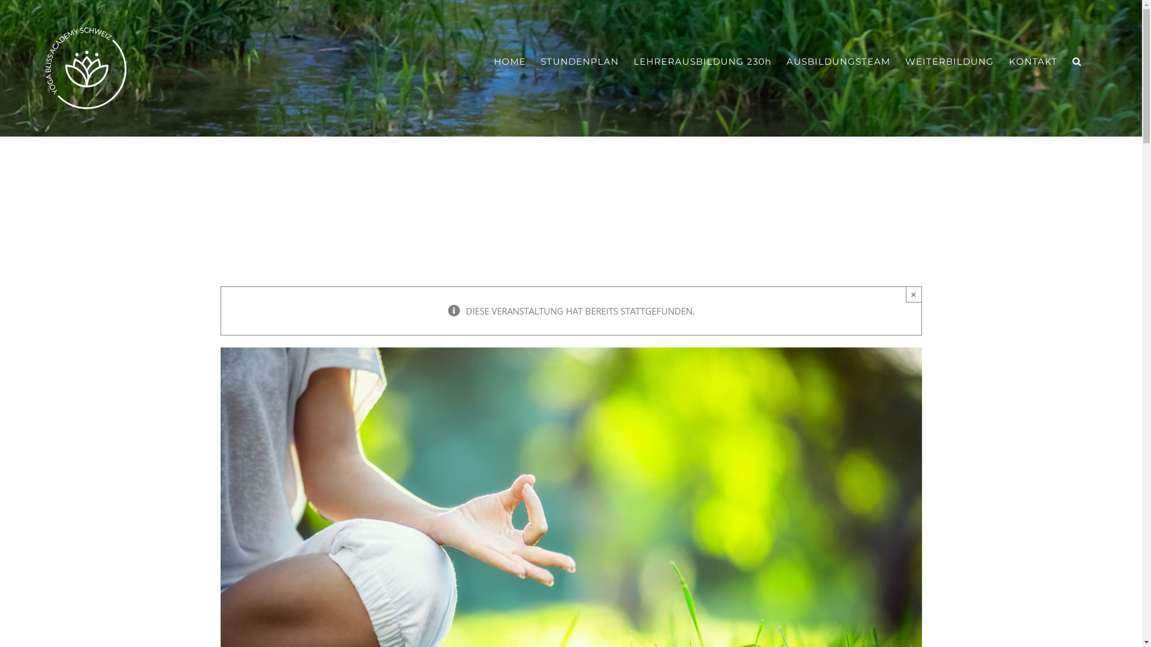 Image resolution: width=1151 pixels, height=647 pixels. Describe the element at coordinates (1077, 61) in the screenshot. I see `'Suche'` at that location.